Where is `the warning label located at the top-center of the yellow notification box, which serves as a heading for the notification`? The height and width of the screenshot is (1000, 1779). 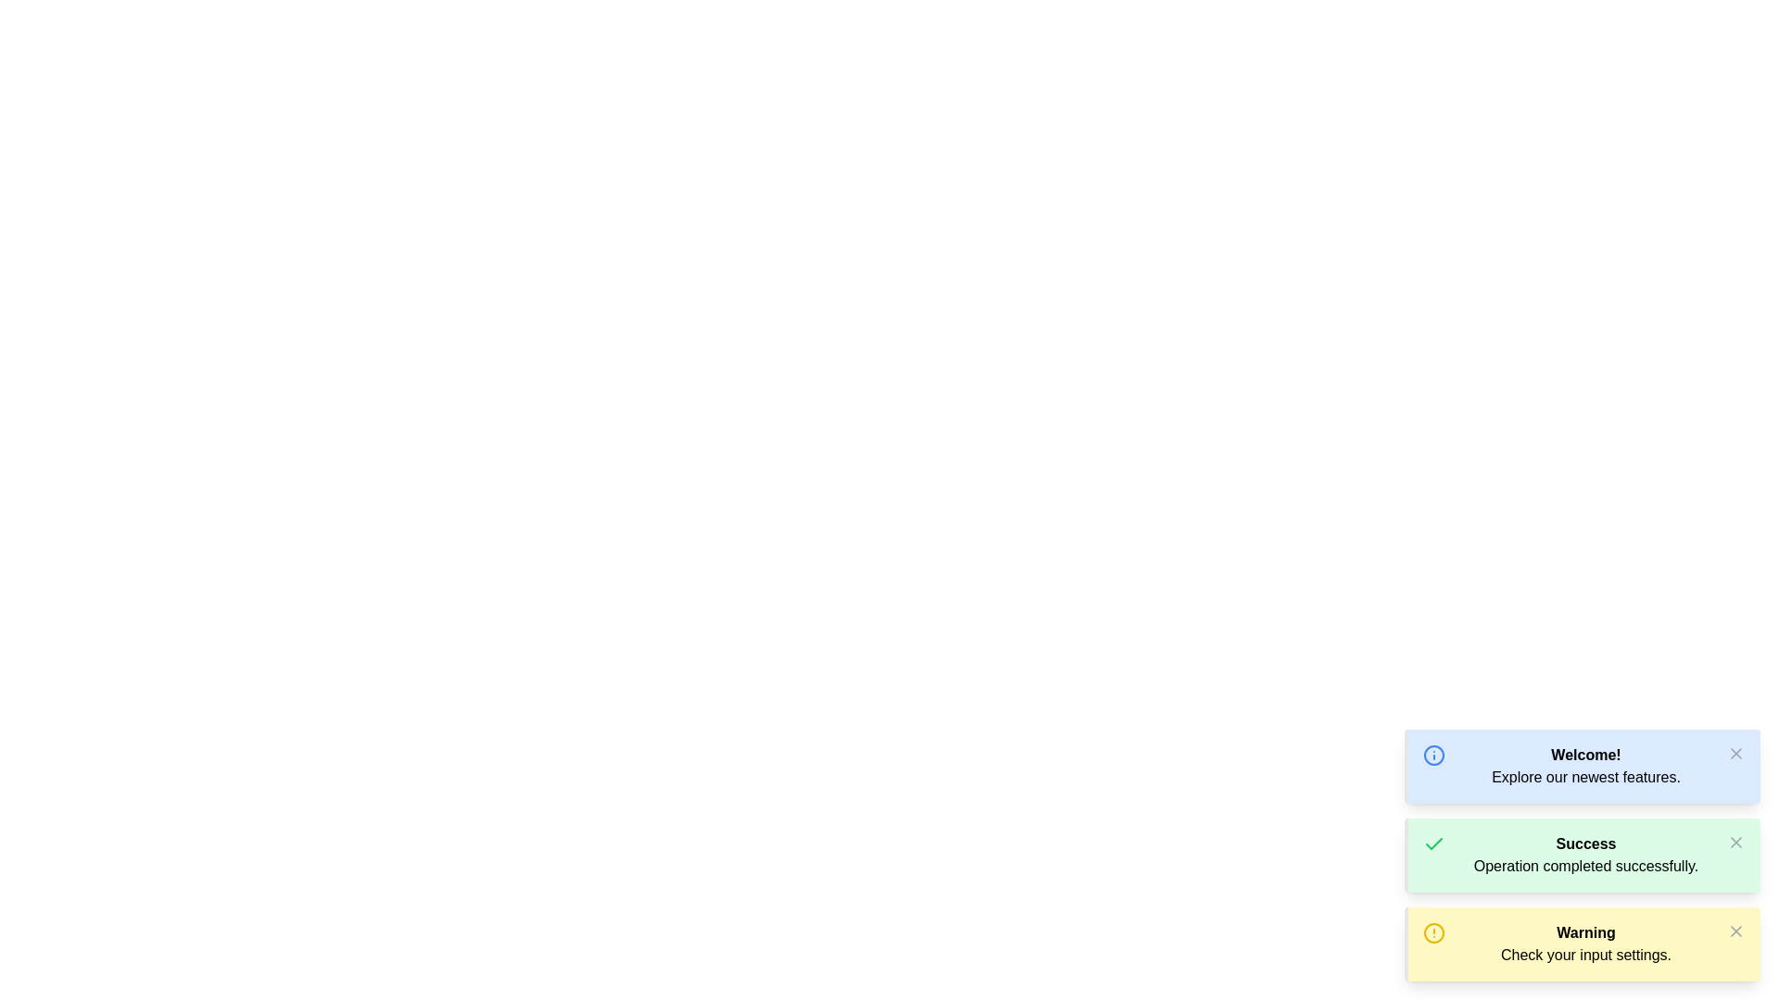 the warning label located at the top-center of the yellow notification box, which serves as a heading for the notification is located at coordinates (1585, 932).